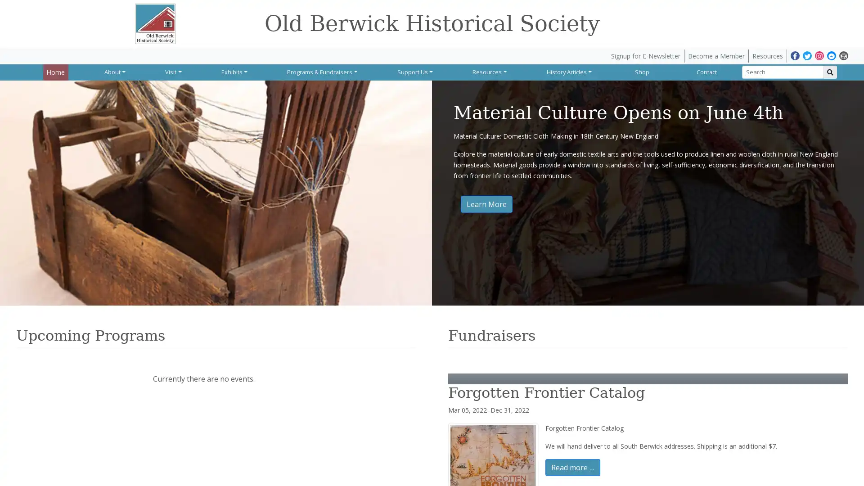 Image resolution: width=864 pixels, height=486 pixels. Describe the element at coordinates (234, 71) in the screenshot. I see `Exhibits` at that location.